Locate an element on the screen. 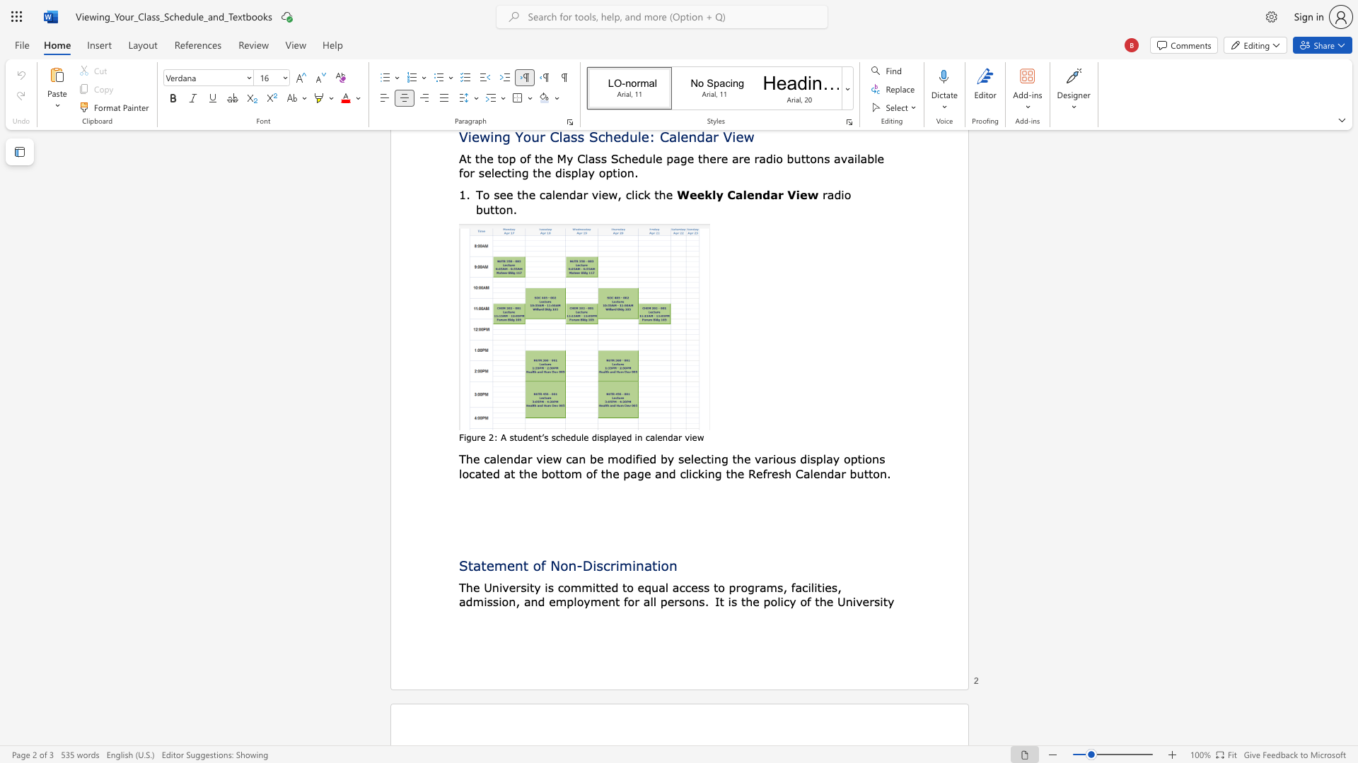 The image size is (1358, 763). the subset text "ng the Refresh Calendar" within the text "at the bottom of the page and clicking the Refresh Calendar button." is located at coordinates (707, 473).